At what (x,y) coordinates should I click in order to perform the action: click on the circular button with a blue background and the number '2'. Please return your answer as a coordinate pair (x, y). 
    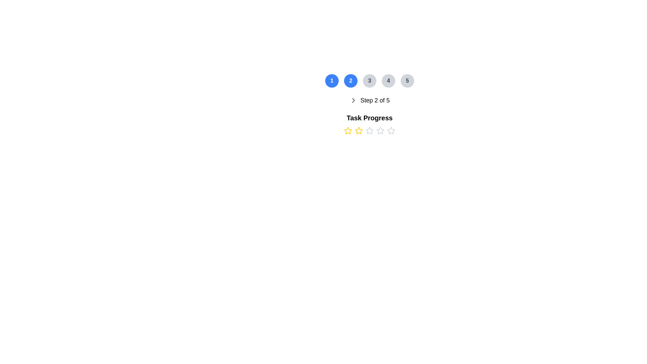
    Looking at the image, I should click on (350, 80).